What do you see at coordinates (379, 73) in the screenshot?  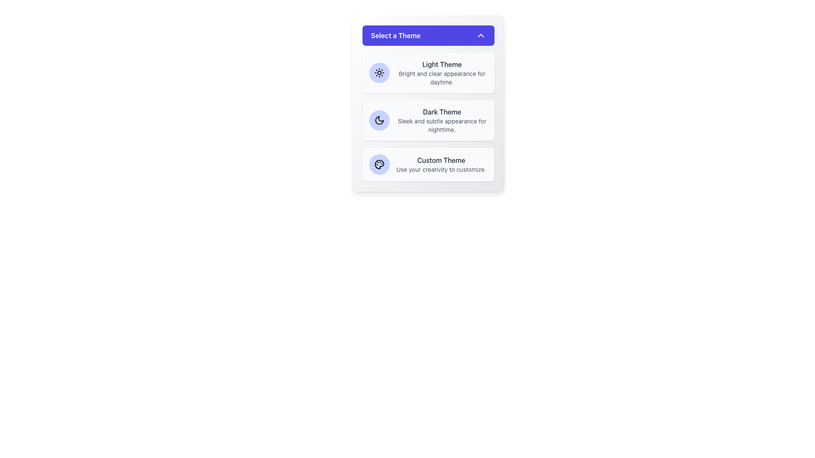 I see `the stylized sun icon representing the light theme, located at the top of the theme options within the 'Select a Theme' dropdown` at bounding box center [379, 73].